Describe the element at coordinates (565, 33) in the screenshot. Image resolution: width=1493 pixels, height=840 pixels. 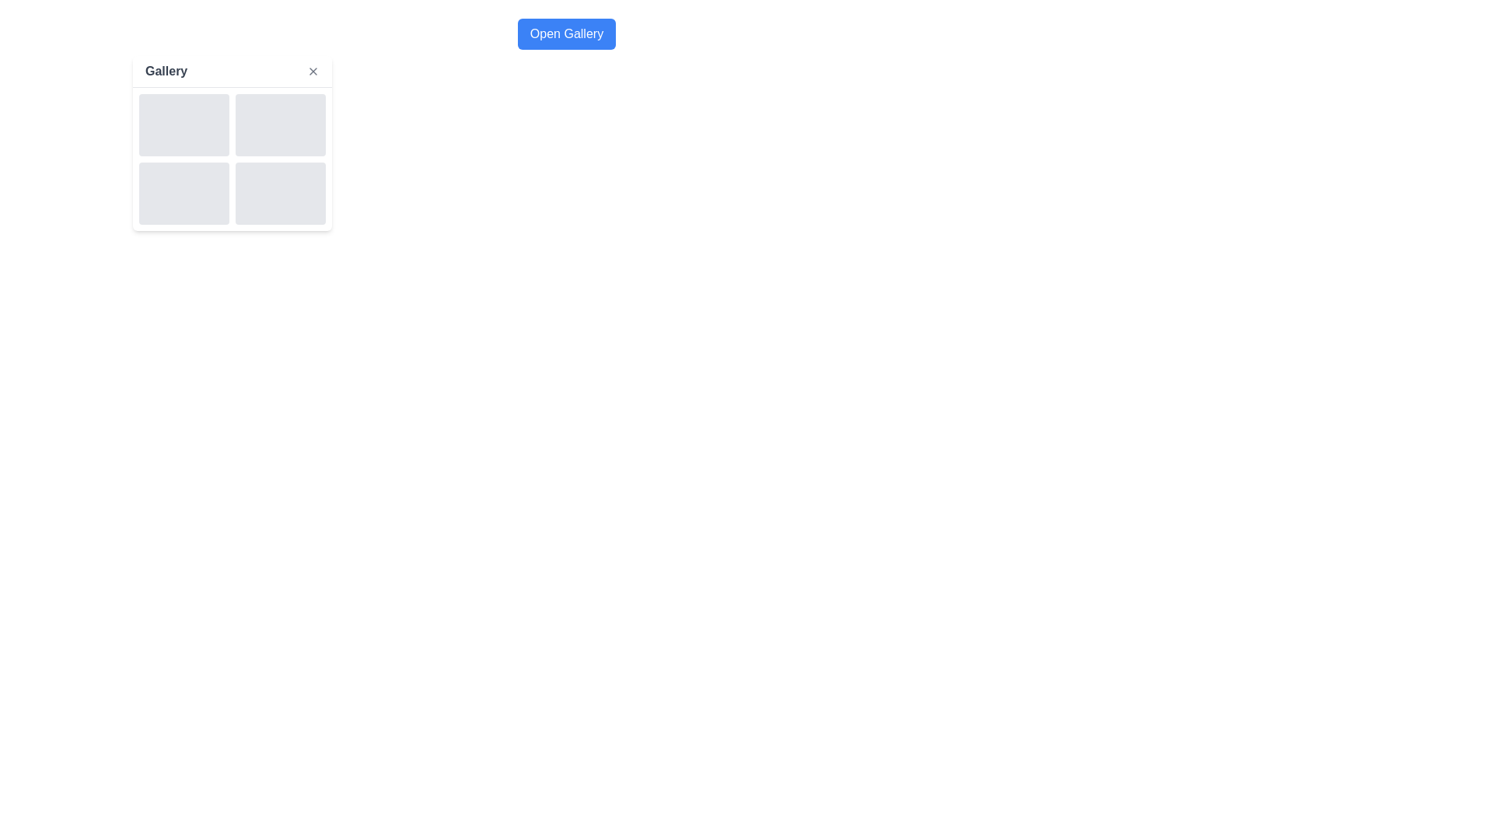
I see `the rounded button with a bright blue background and white text labeled 'Open Gallery'` at that location.